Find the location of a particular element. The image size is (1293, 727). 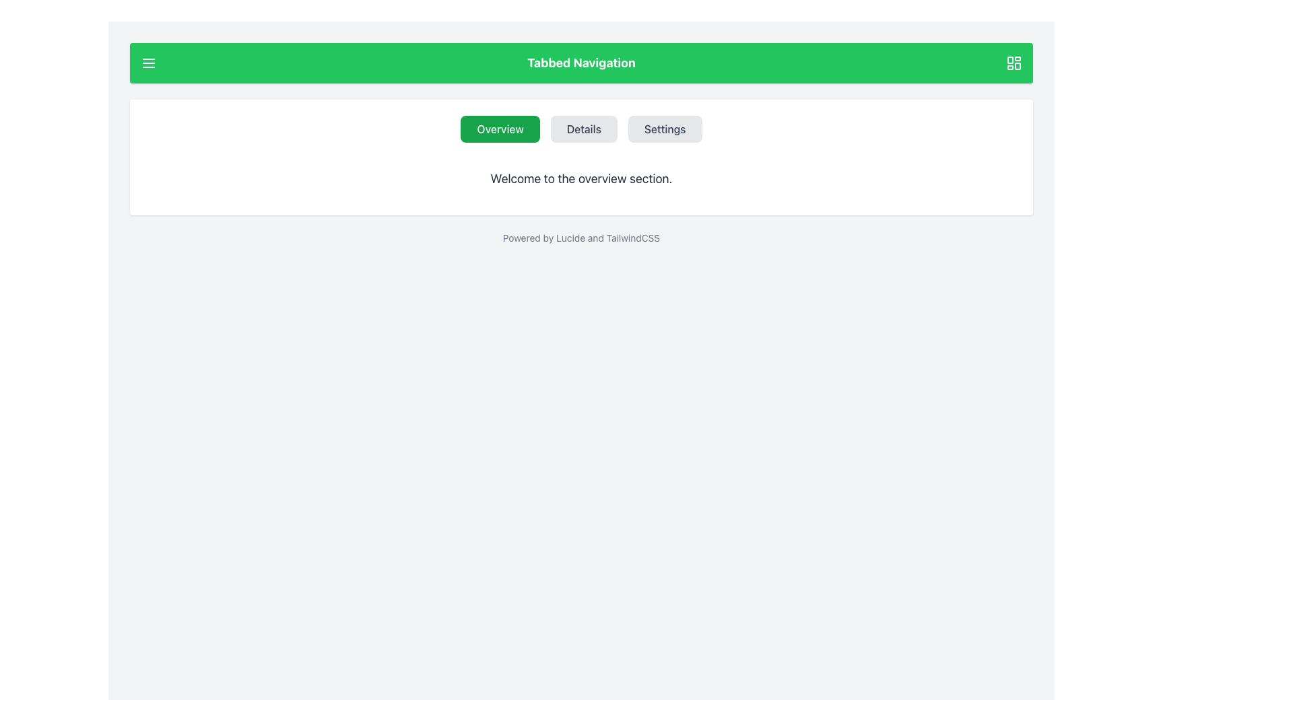

the 'Tabbed Navigation' text label, which is styled with bold and large font on a green background banner at the top of the interface is located at coordinates (581, 63).